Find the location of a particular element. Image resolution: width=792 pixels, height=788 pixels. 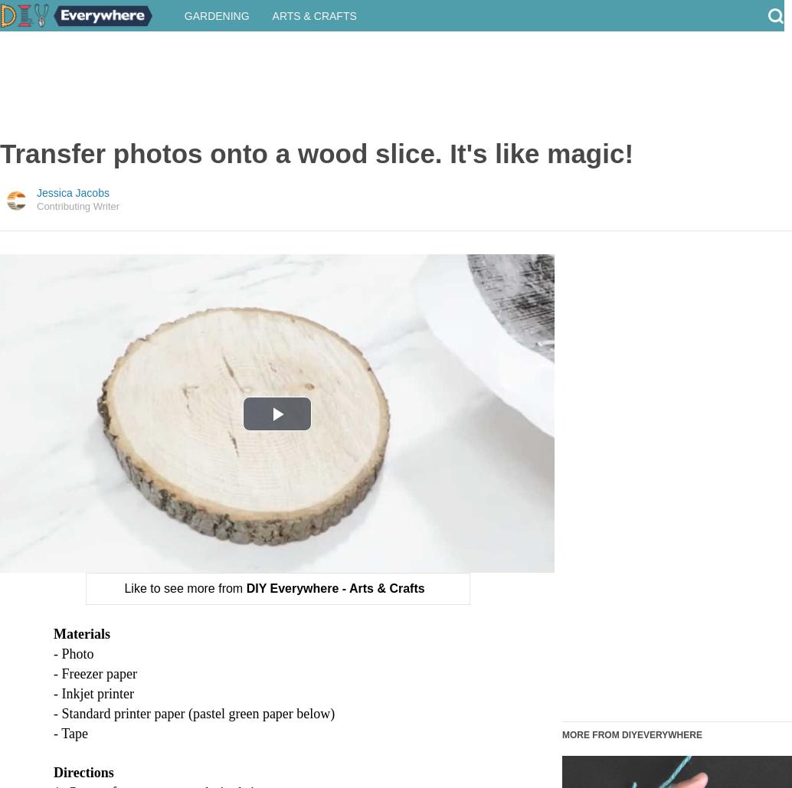

'Transfer photos onto a wood slice. It's like magic!' is located at coordinates (316, 168).